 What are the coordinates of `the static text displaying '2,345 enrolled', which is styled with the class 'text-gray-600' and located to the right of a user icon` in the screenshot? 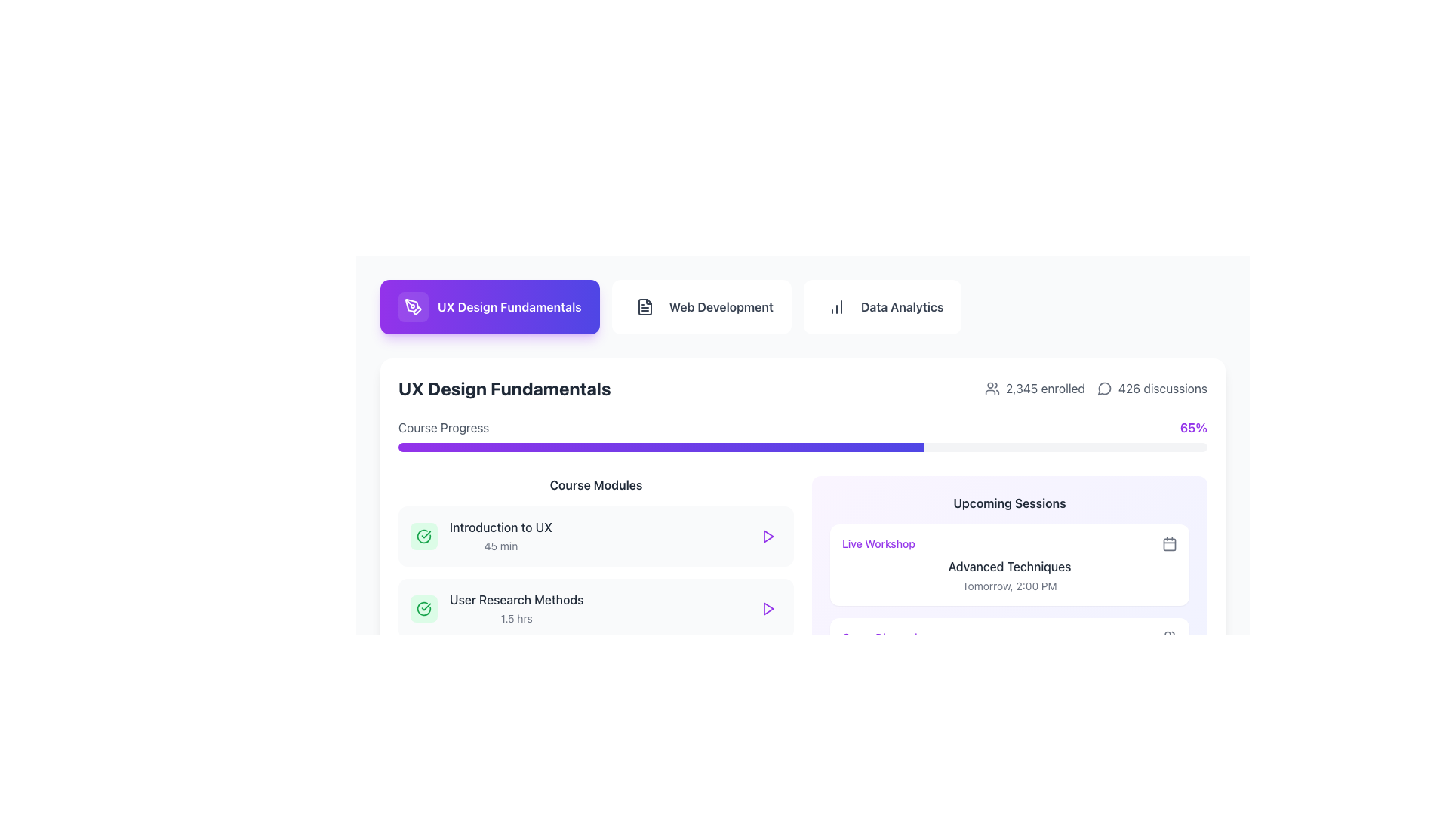 It's located at (1044, 388).